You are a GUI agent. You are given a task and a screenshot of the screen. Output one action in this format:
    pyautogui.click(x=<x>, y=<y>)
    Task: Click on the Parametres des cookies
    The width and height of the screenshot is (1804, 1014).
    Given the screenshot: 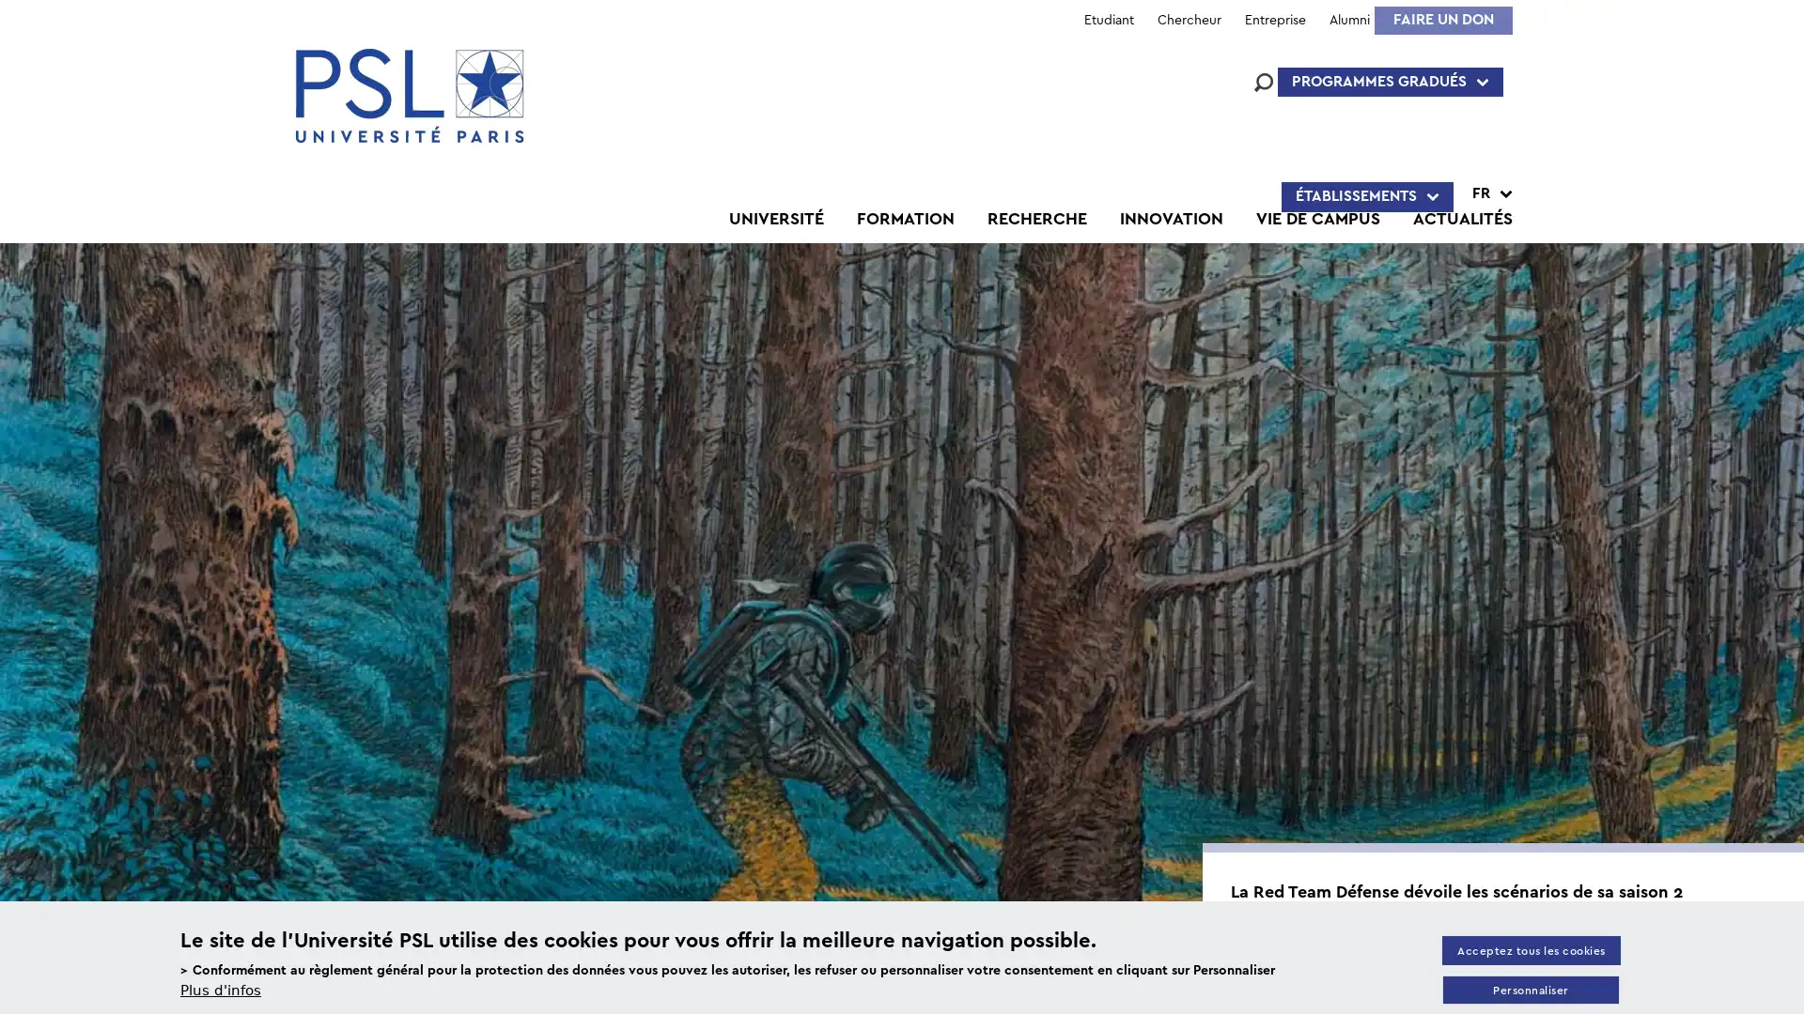 What is the action you would take?
    pyautogui.click(x=1529, y=989)
    